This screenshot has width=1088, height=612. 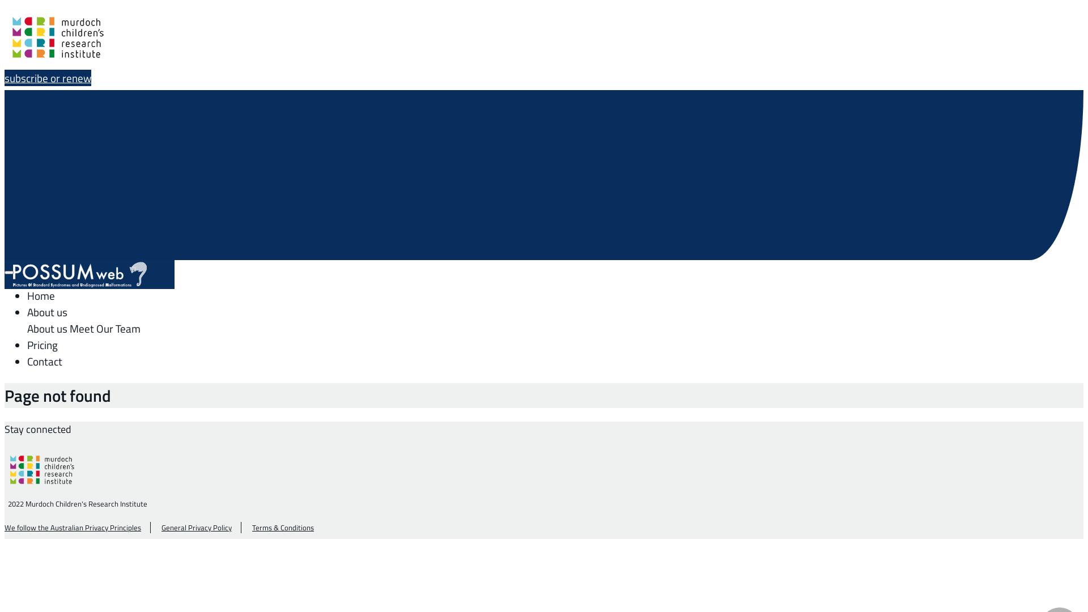 I want to click on 'General Privacy Policy', so click(x=196, y=527).